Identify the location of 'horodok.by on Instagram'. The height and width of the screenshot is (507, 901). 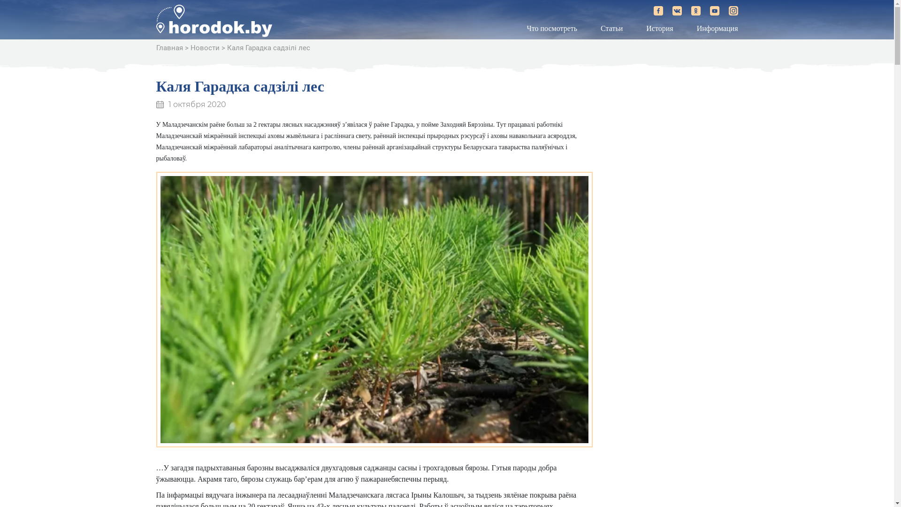
(732, 11).